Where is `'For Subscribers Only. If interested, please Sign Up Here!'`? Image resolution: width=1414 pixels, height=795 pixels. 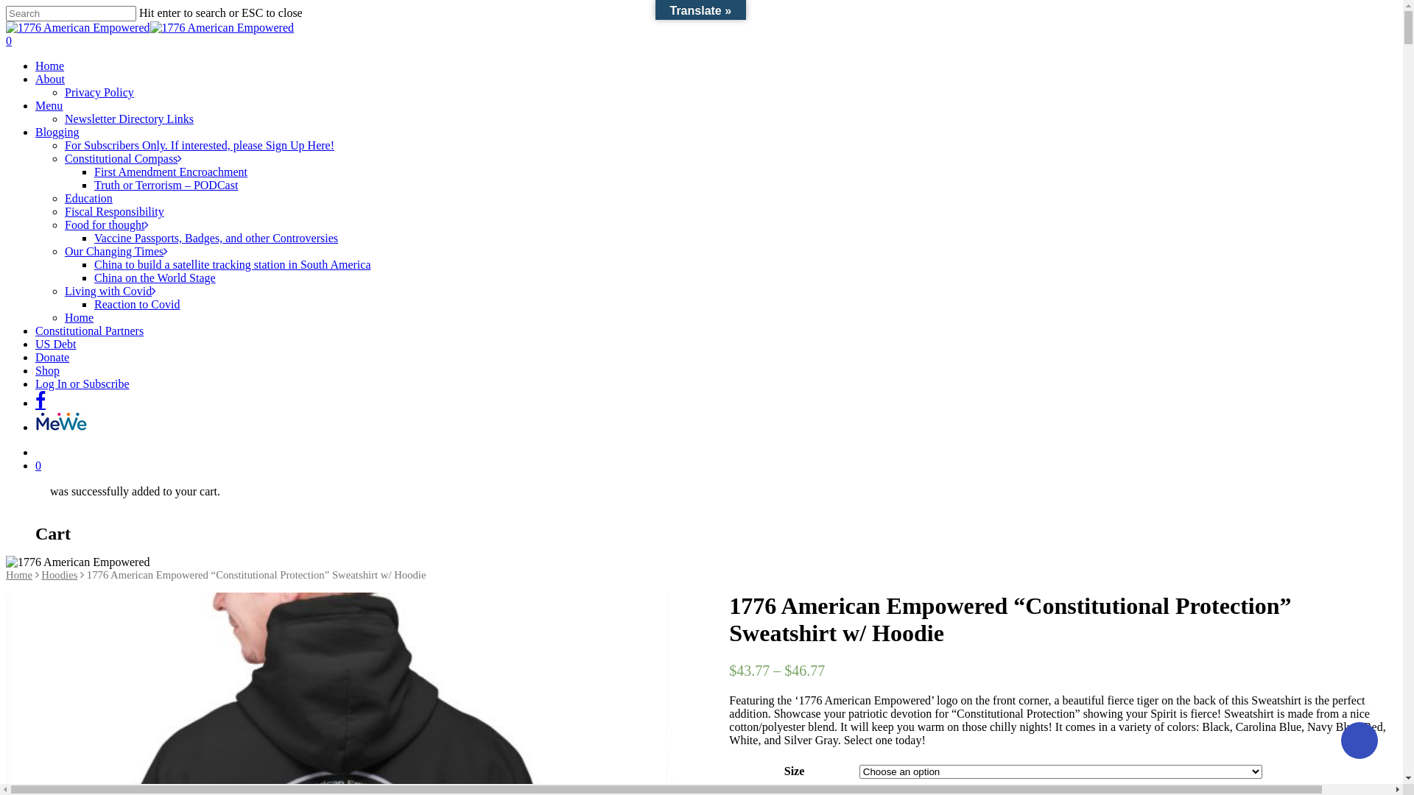
'For Subscribers Only. If interested, please Sign Up Here!' is located at coordinates (198, 145).